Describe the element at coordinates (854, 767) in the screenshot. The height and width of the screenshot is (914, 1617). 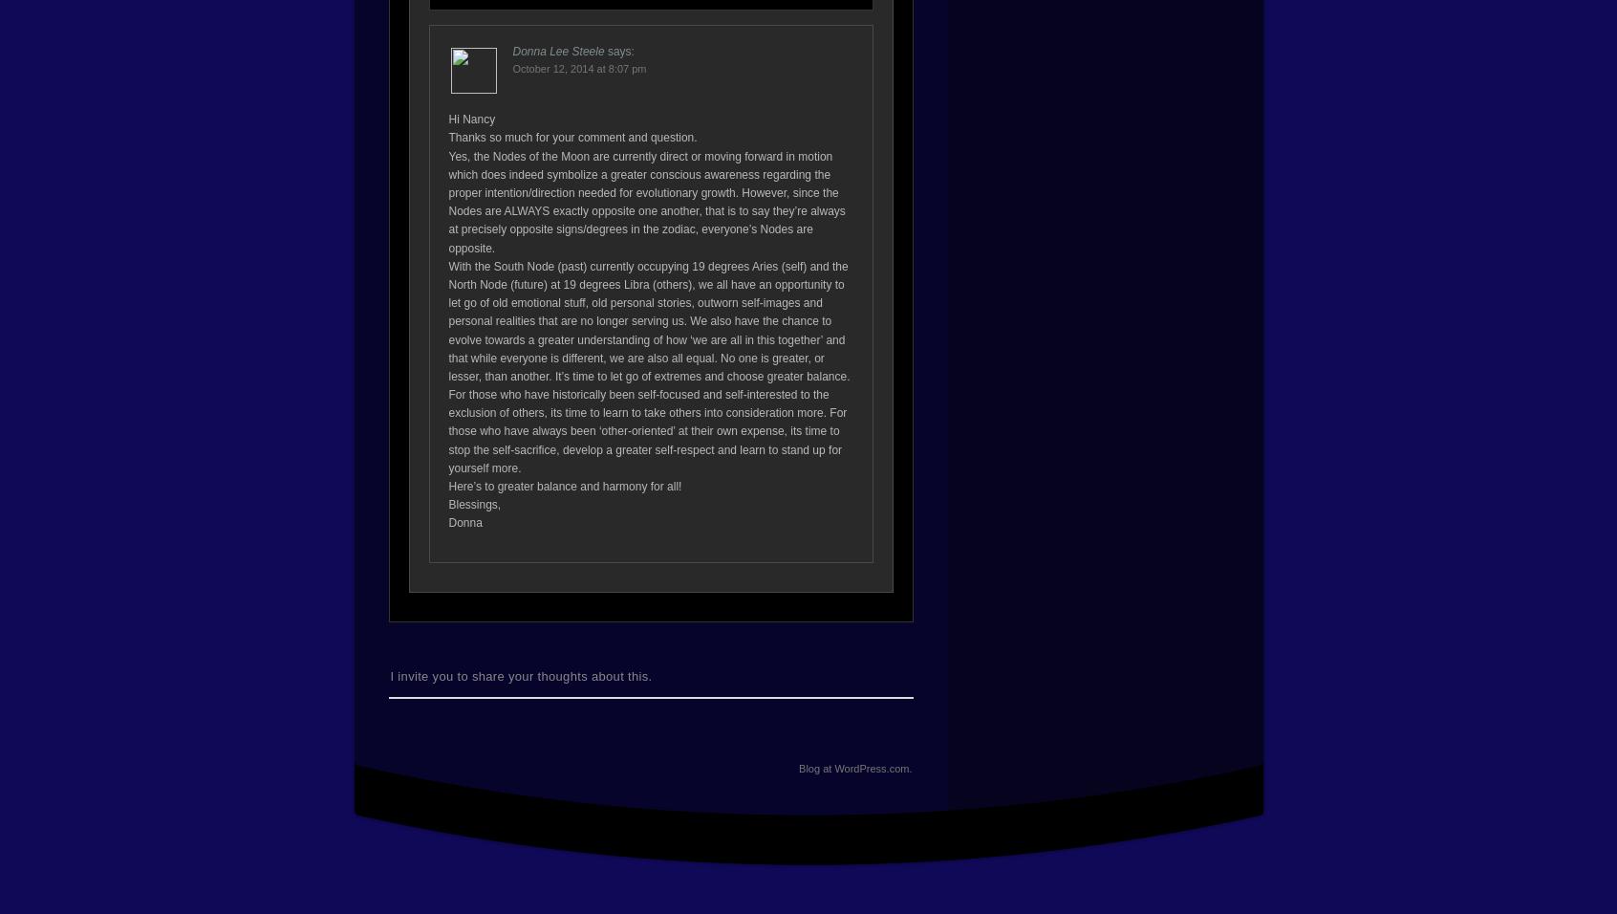
I see `'Blog at WordPress.com.'` at that location.